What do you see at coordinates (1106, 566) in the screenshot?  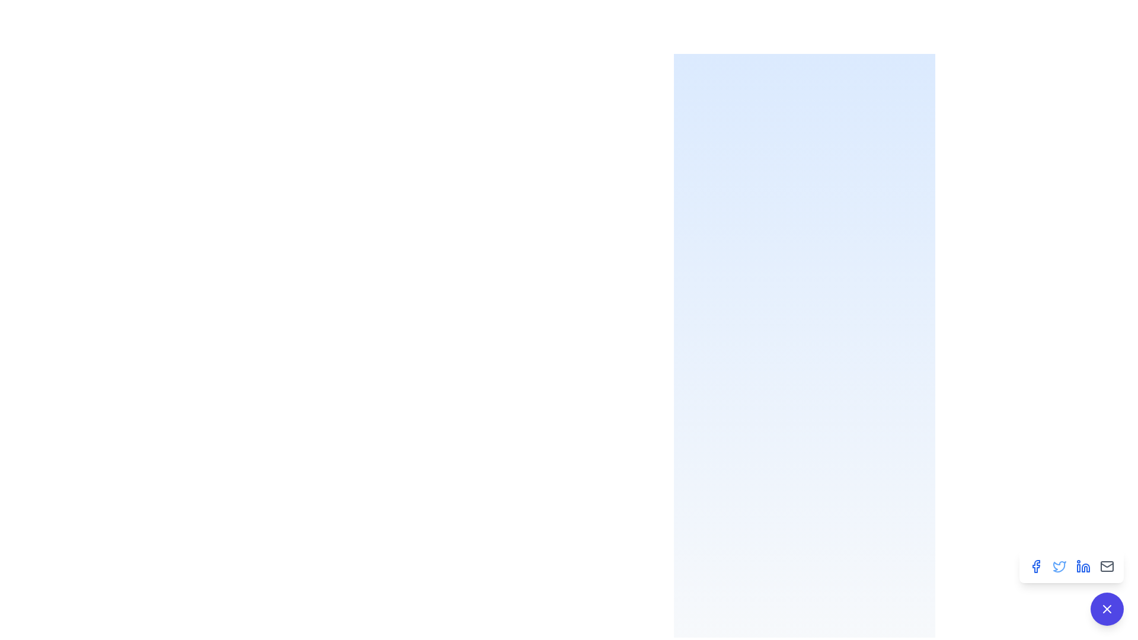 I see `the mail icon button located at the bottom-right corner of the interface` at bounding box center [1106, 566].